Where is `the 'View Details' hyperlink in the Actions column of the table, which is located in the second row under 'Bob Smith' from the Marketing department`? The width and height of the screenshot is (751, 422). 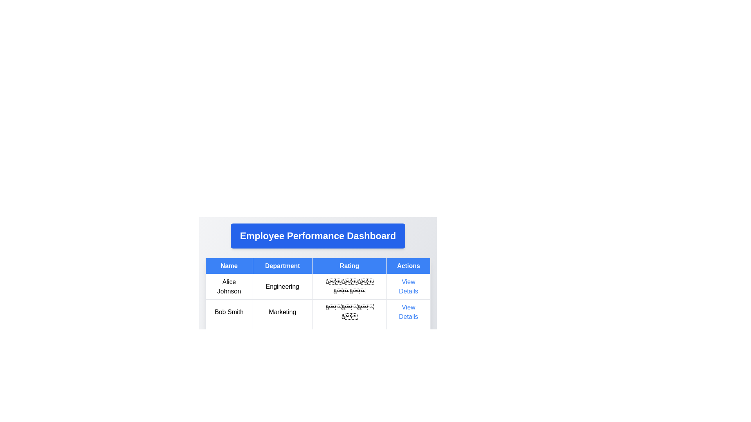 the 'View Details' hyperlink in the Actions column of the table, which is located in the second row under 'Bob Smith' from the Marketing department is located at coordinates (408, 311).